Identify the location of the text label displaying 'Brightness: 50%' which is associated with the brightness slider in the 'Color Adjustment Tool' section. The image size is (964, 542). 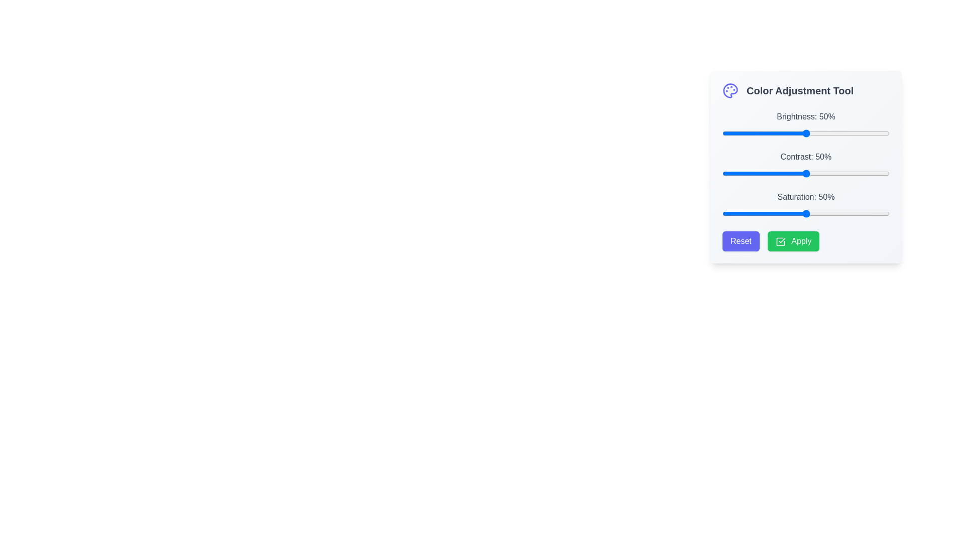
(806, 116).